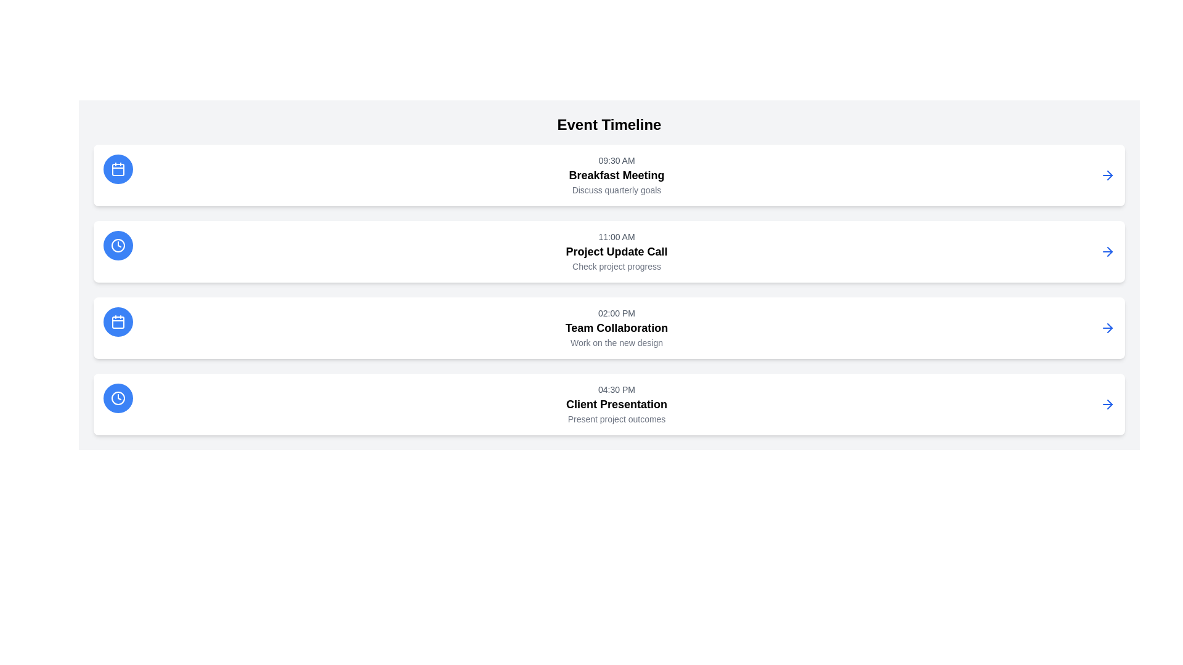 The image size is (1183, 665). What do you see at coordinates (118, 398) in the screenshot?
I see `the circular blue icon button with a white clock symbol located at the leftmost edge of the 'Client Presentation' event description card` at bounding box center [118, 398].